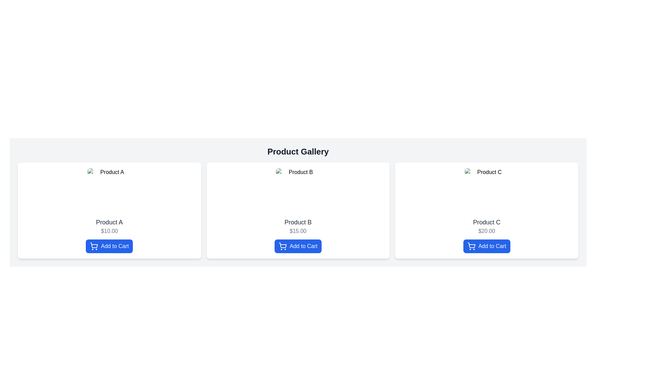  Describe the element at coordinates (486, 190) in the screenshot. I see `the static image placeholder for 'Product C', which is the first visual component in its flex column layout card` at that location.